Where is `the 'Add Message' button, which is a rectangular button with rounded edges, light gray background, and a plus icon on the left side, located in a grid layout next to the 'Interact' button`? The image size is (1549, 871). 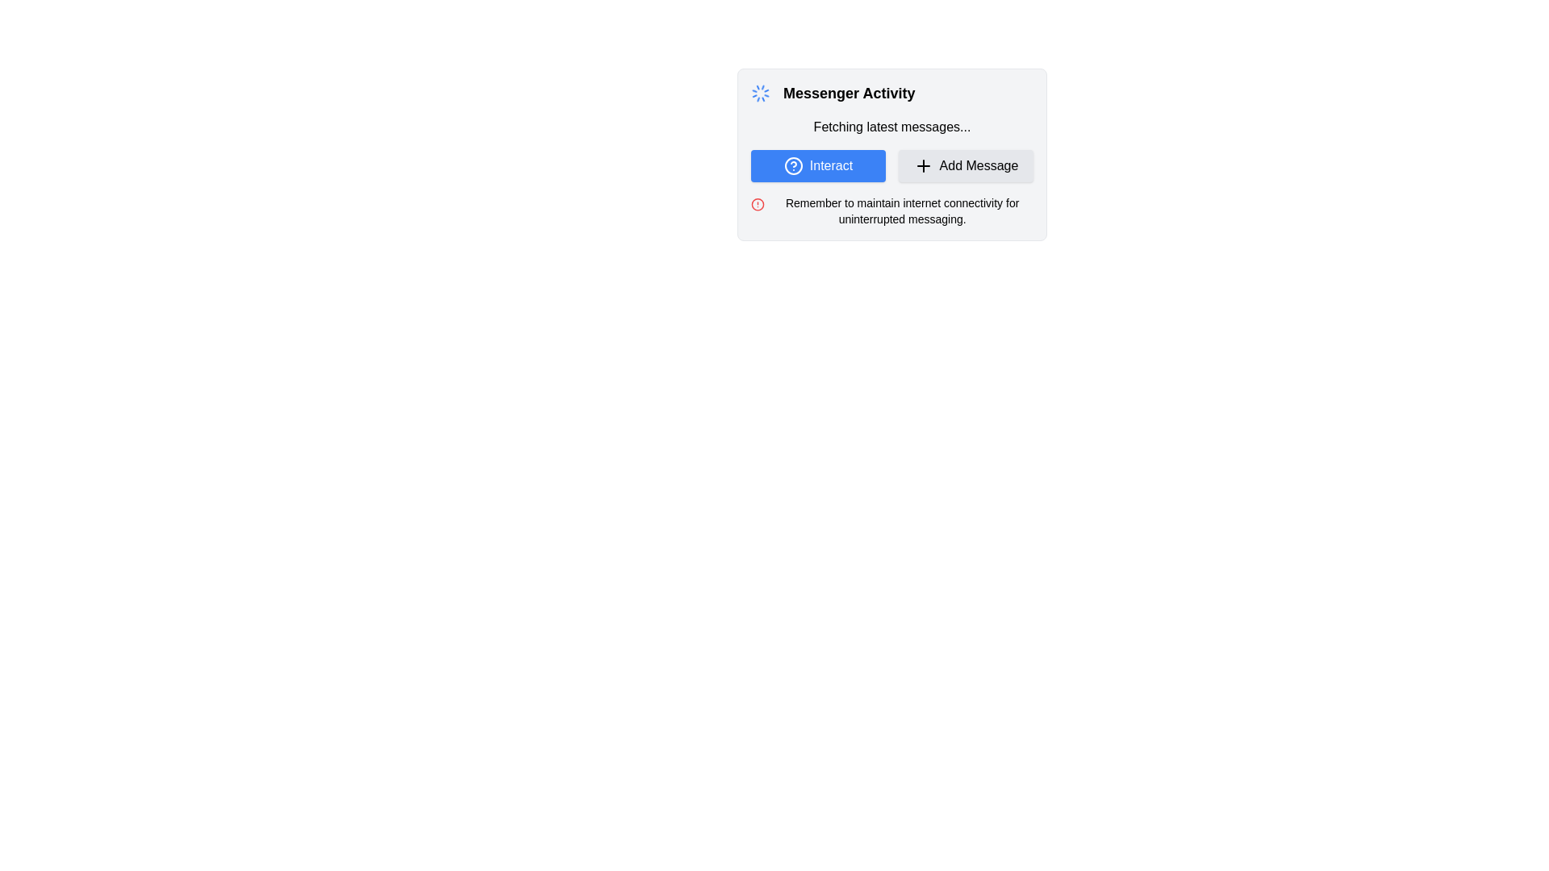
the 'Add Message' button, which is a rectangular button with rounded edges, light gray background, and a plus icon on the left side, located in a grid layout next to the 'Interact' button is located at coordinates (966, 165).